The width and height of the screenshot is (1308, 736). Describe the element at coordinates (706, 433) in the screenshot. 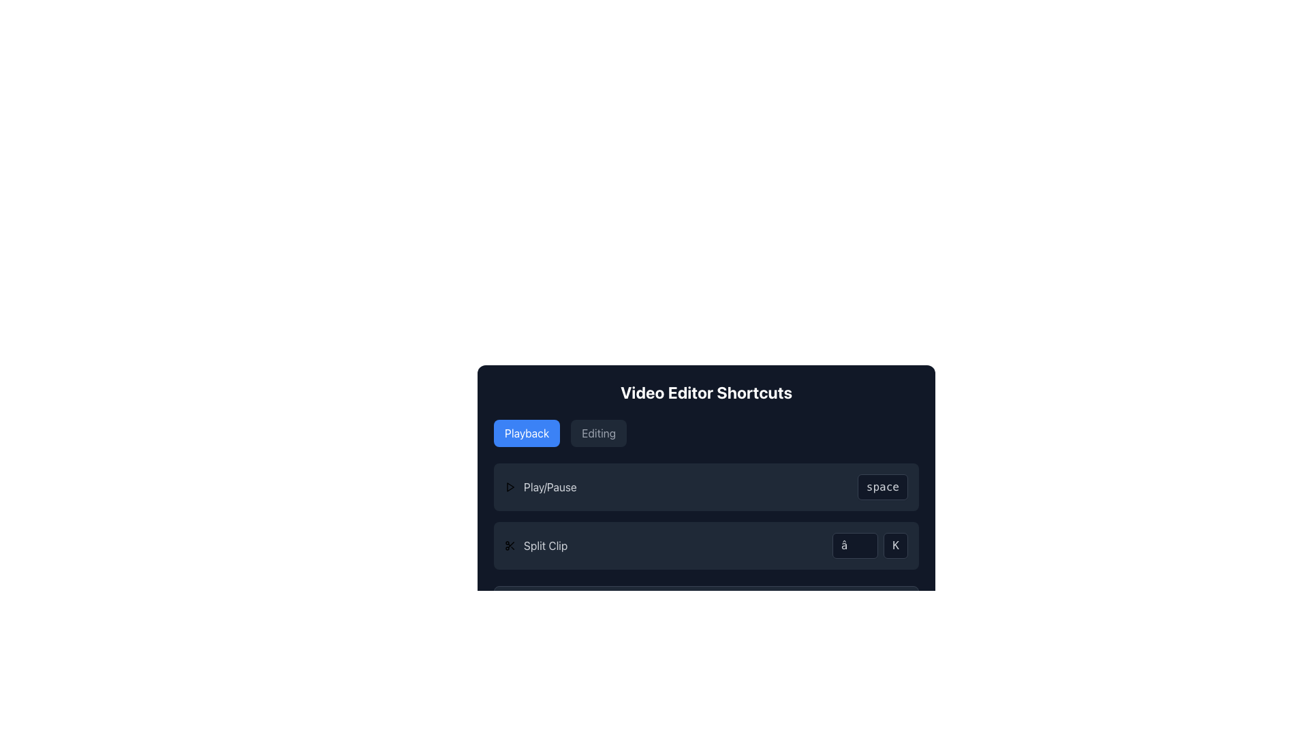

I see `the toggle button between 'Playback' and 'Editing' modes in the interactive buttons component located below the 'Video Editor Shortcuts' heading` at that location.